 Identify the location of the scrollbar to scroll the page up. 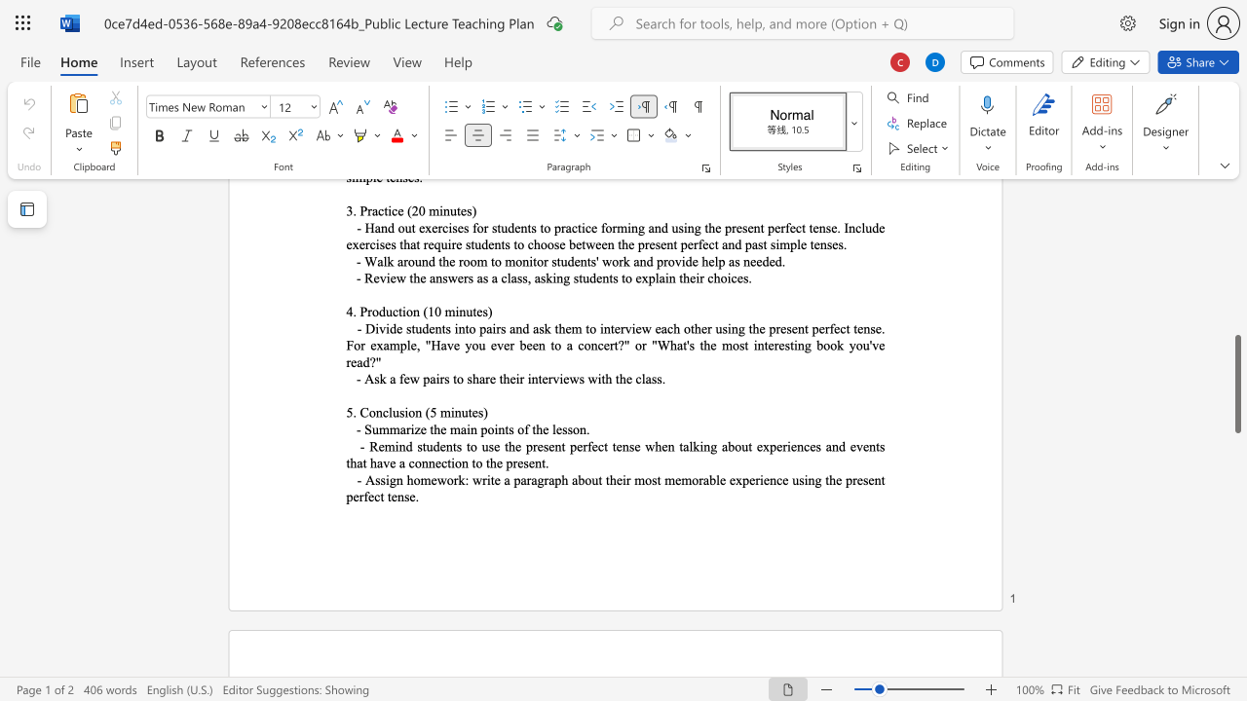
(1236, 263).